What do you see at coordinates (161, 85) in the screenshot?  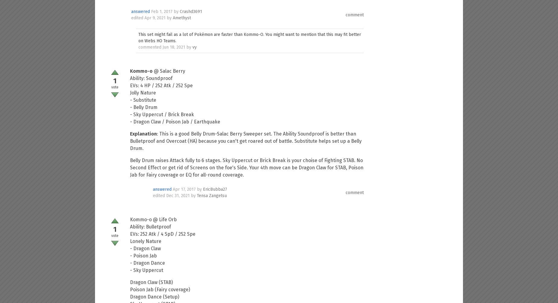 I see `'EVs: 4 HP / 252 Atk / 252 Spe'` at bounding box center [161, 85].